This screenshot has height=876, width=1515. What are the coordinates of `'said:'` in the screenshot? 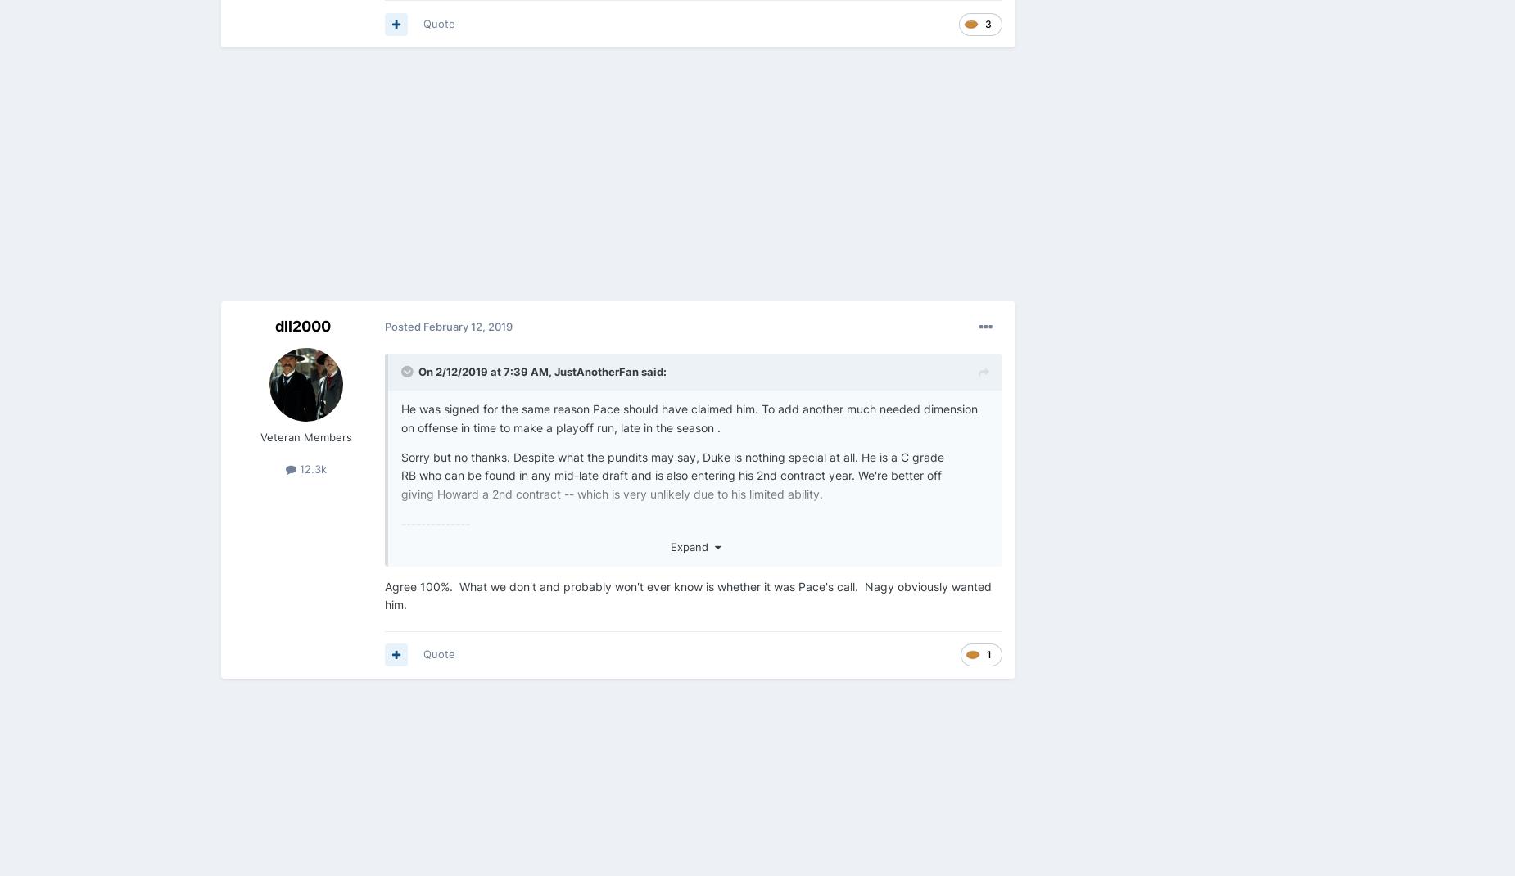 It's located at (652, 372).